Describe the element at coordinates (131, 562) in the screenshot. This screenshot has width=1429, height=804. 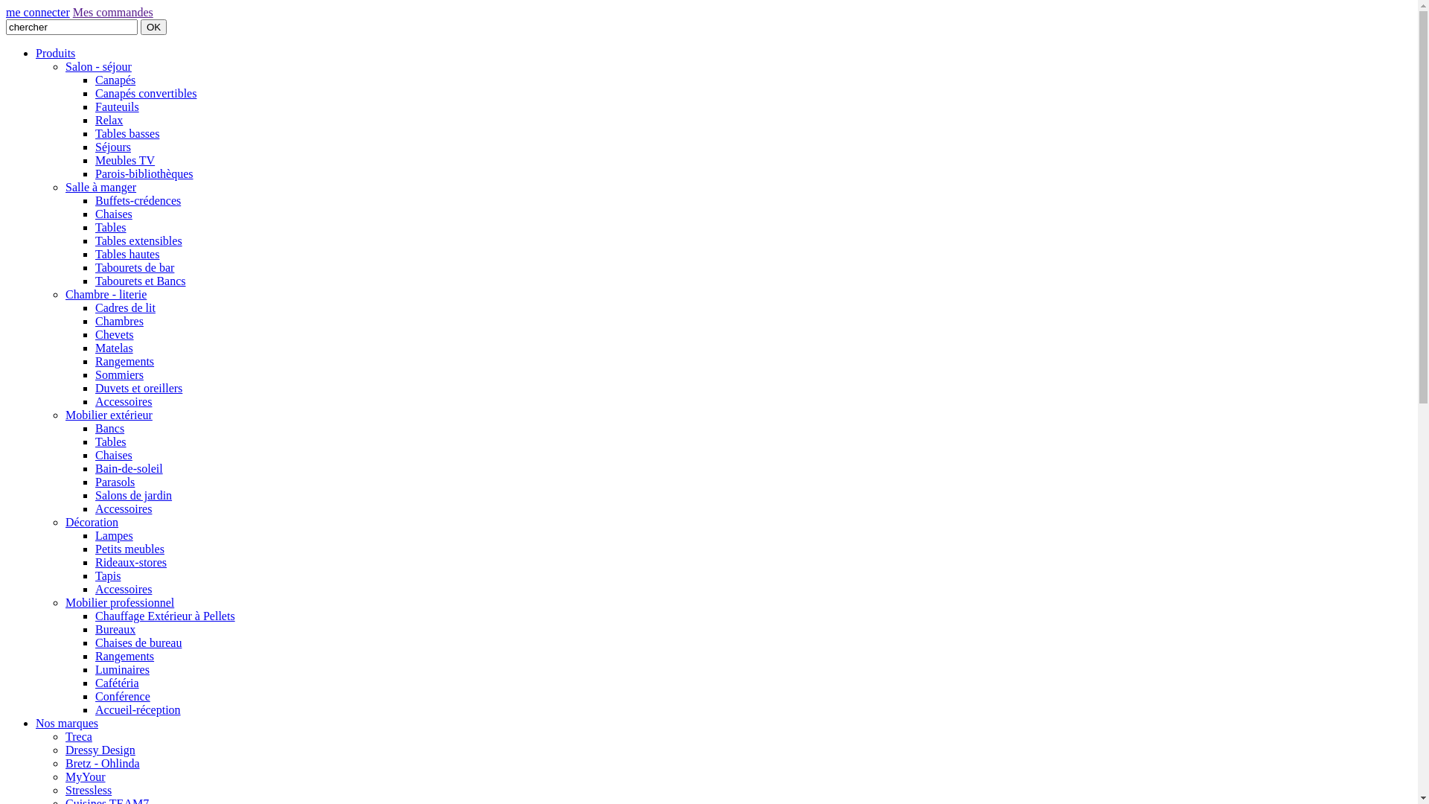
I see `'Rideaux-stores'` at that location.